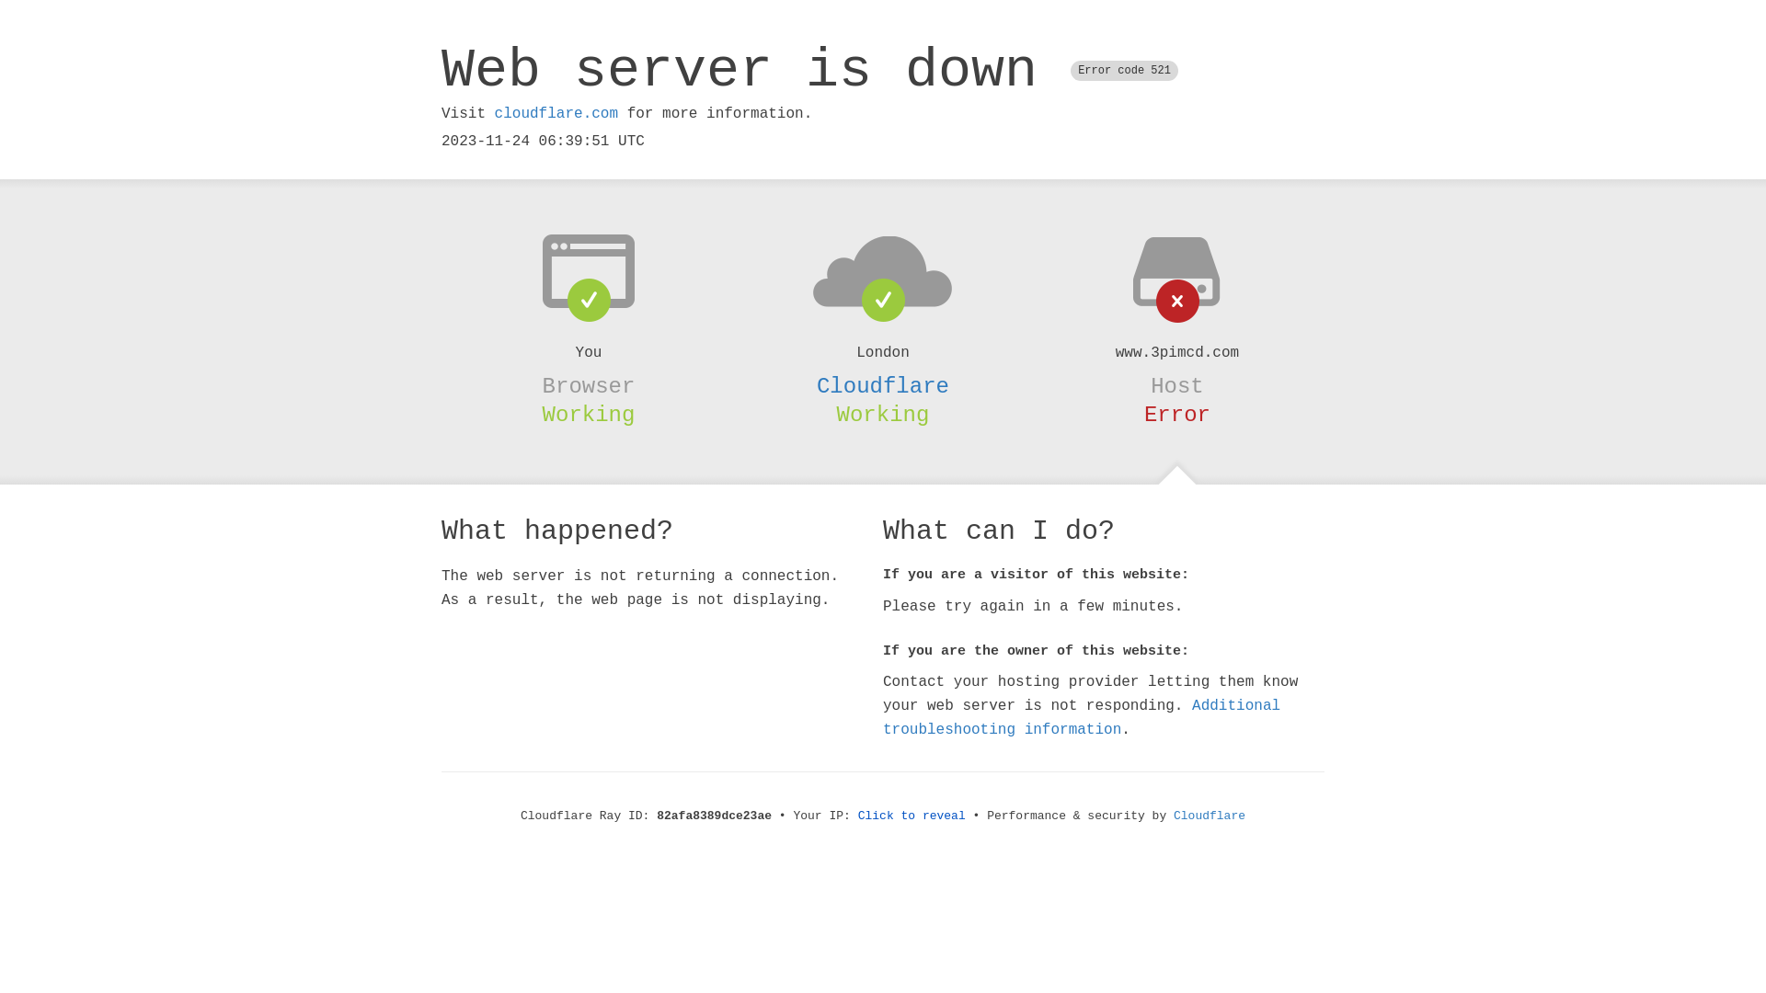 This screenshot has width=1766, height=993. Describe the element at coordinates (1210, 815) in the screenshot. I see `'Cloudflare'` at that location.